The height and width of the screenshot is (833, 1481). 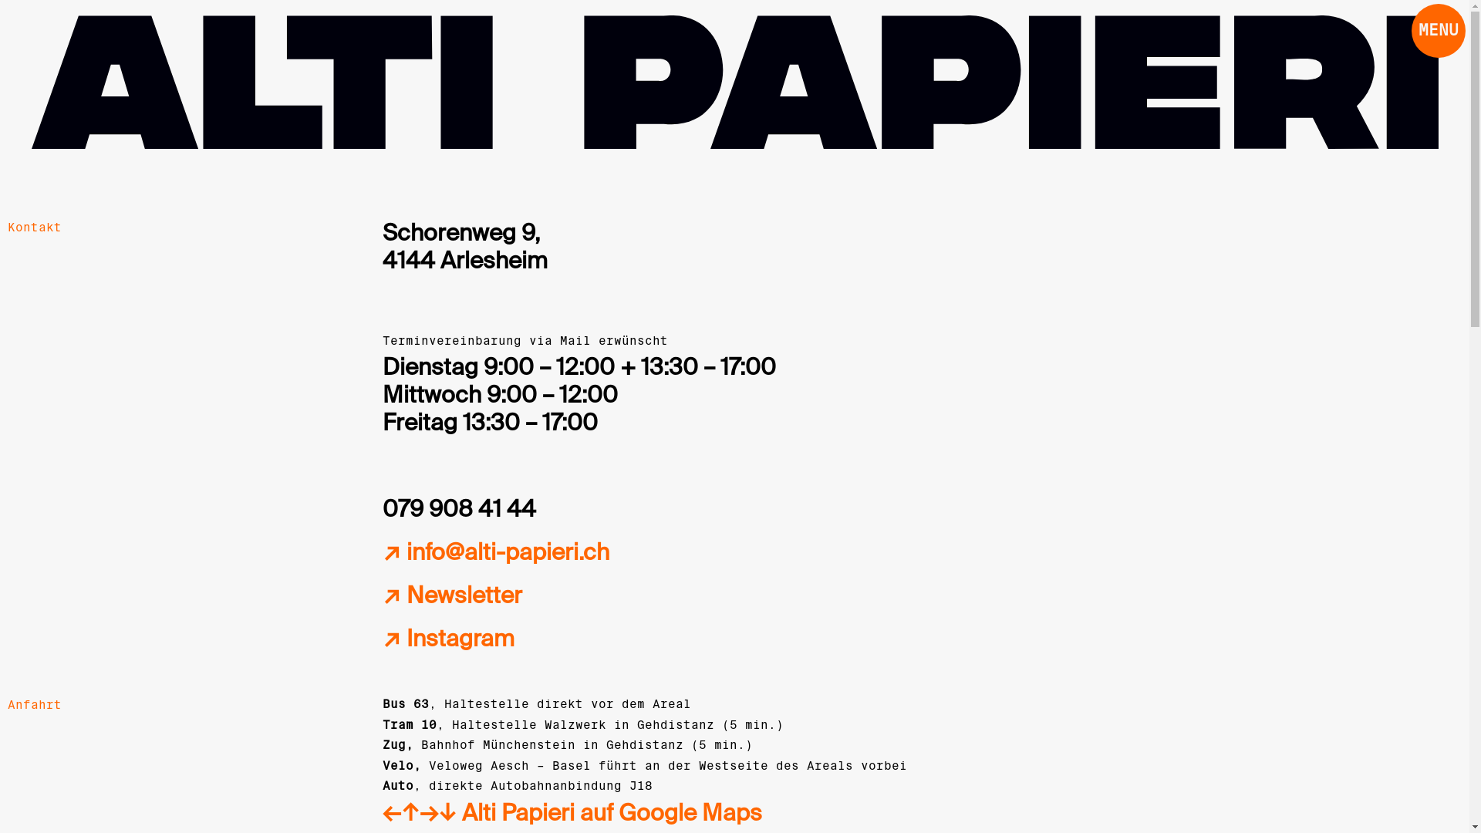 I want to click on 'MENU', so click(x=1418, y=29).